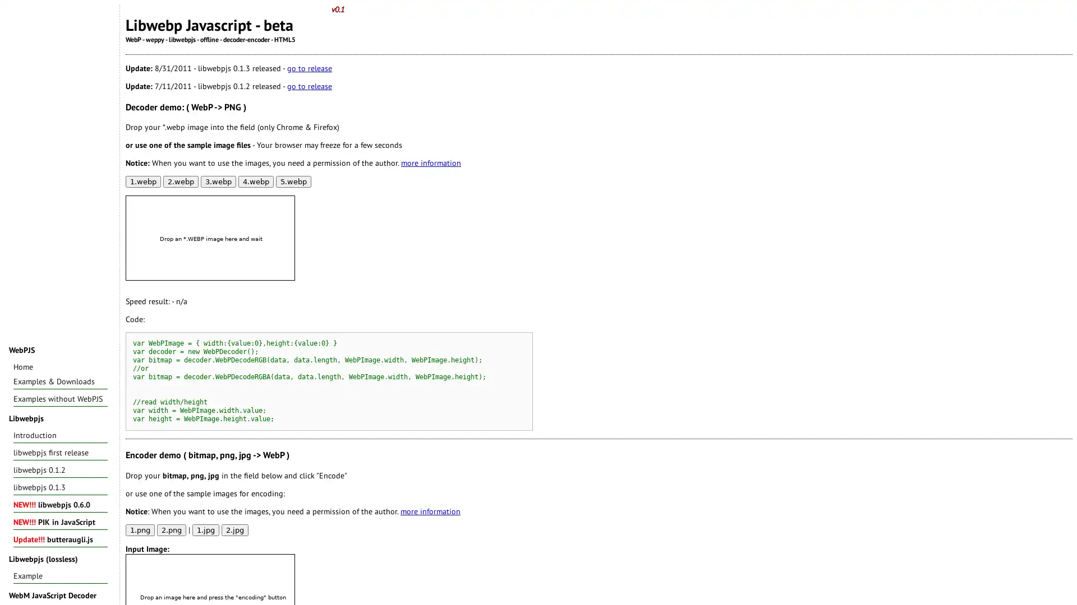 The image size is (1077, 605). What do you see at coordinates (234, 529) in the screenshot?
I see `2.jpg` at bounding box center [234, 529].